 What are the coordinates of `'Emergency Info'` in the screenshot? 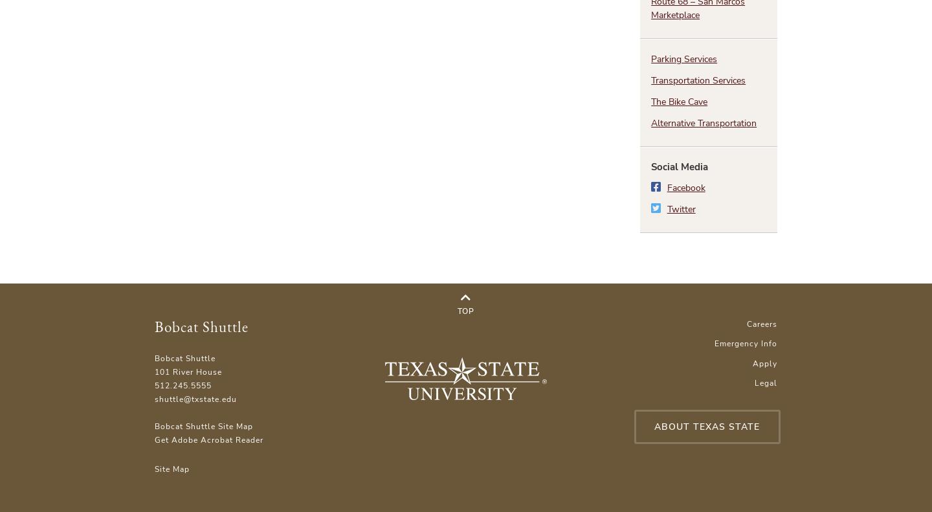 It's located at (713, 343).